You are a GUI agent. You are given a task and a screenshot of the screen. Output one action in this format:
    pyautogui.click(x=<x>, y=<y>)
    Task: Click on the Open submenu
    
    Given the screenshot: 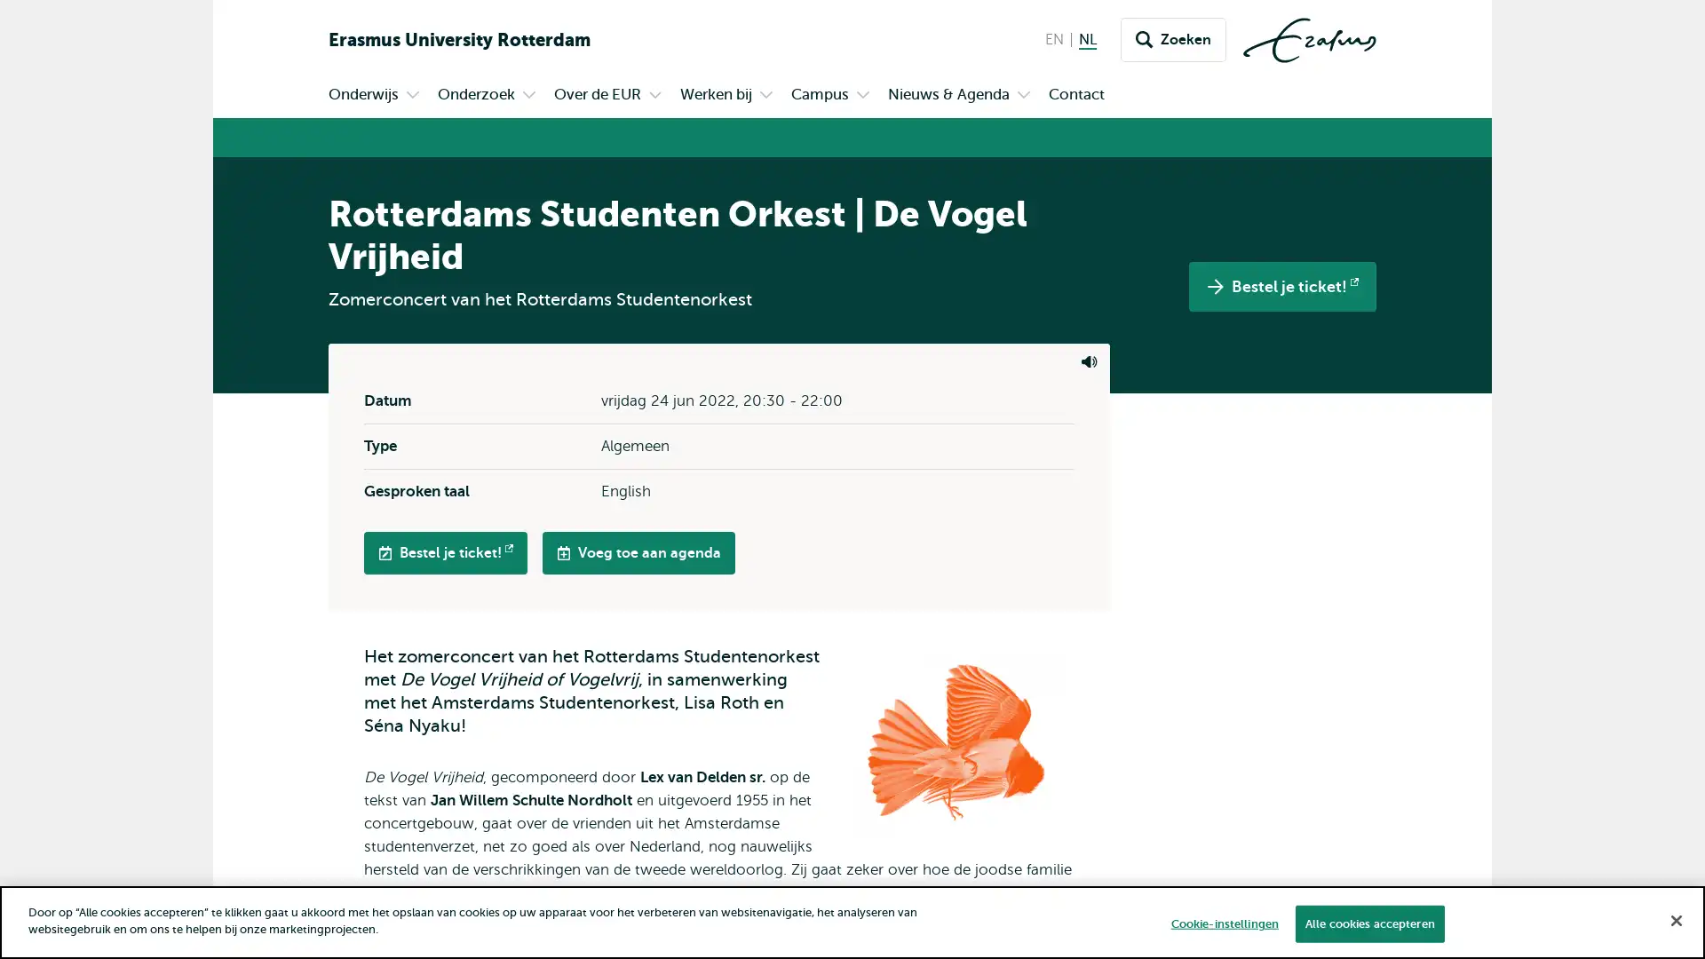 What is the action you would take?
    pyautogui.click(x=654, y=96)
    